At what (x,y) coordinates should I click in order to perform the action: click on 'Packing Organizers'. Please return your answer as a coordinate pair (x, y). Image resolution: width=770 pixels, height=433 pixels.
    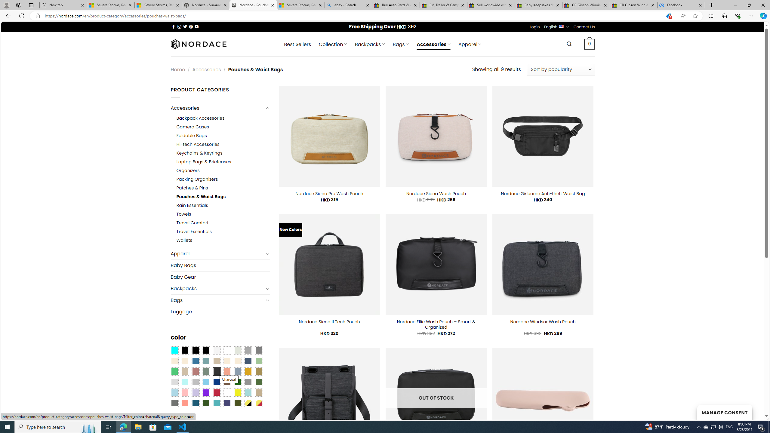
    Looking at the image, I should click on (197, 179).